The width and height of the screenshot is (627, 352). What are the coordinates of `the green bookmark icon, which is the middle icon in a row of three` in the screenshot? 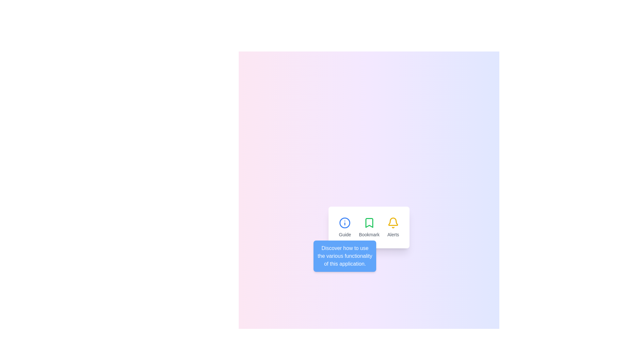 It's located at (369, 227).